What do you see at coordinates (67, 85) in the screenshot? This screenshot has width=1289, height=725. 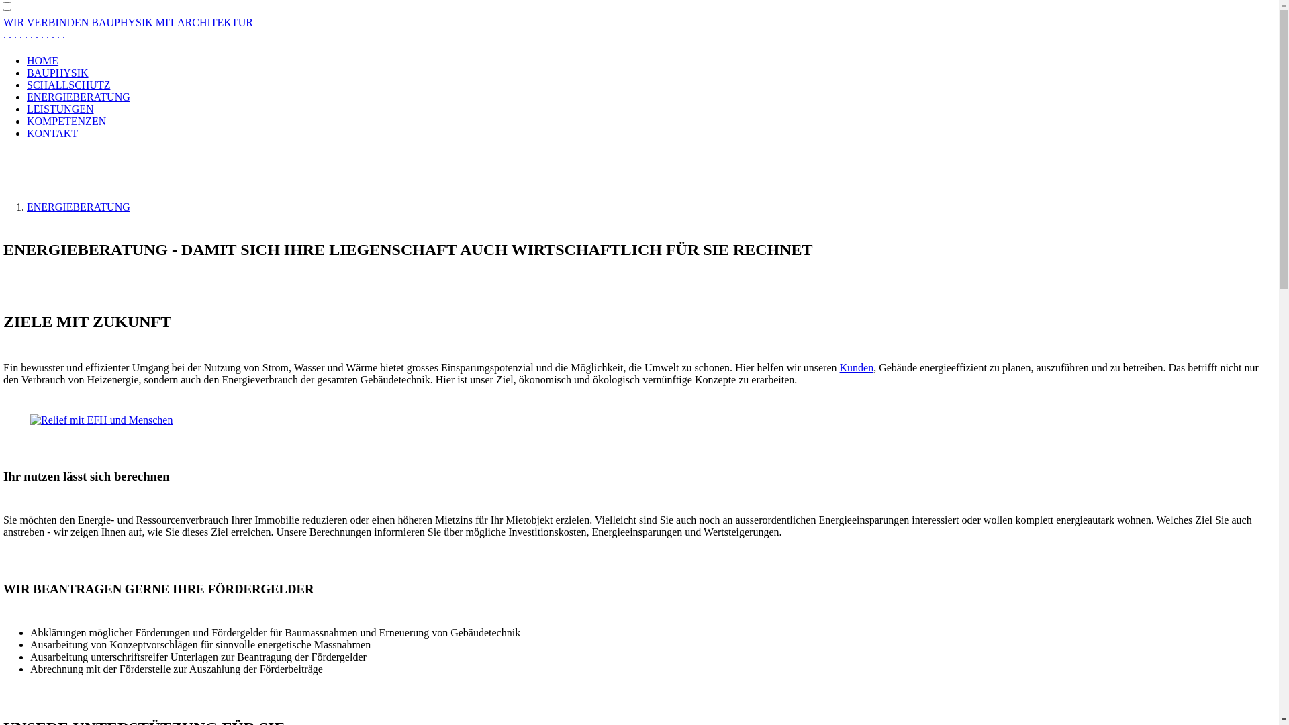 I see `'SCHALLSCHUTZ'` at bounding box center [67, 85].